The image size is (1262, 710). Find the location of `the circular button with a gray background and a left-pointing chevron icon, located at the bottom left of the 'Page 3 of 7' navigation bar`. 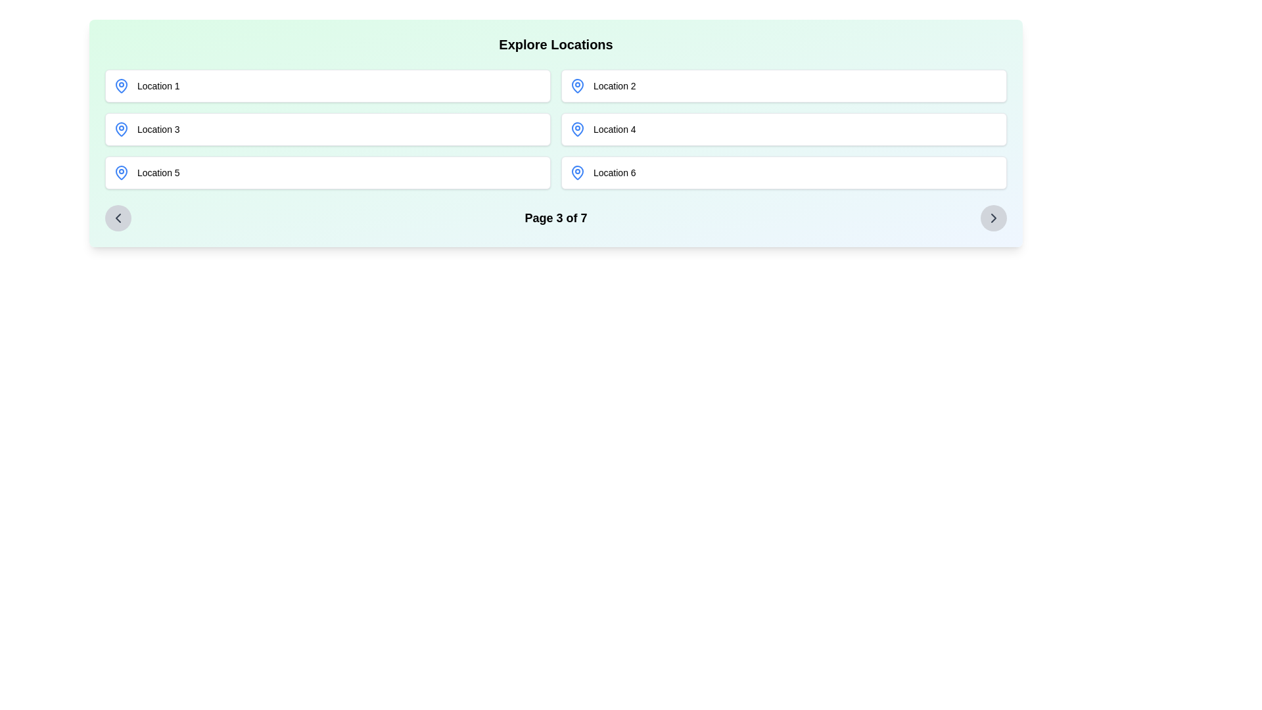

the circular button with a gray background and a left-pointing chevron icon, located at the bottom left of the 'Page 3 of 7' navigation bar is located at coordinates (118, 217).